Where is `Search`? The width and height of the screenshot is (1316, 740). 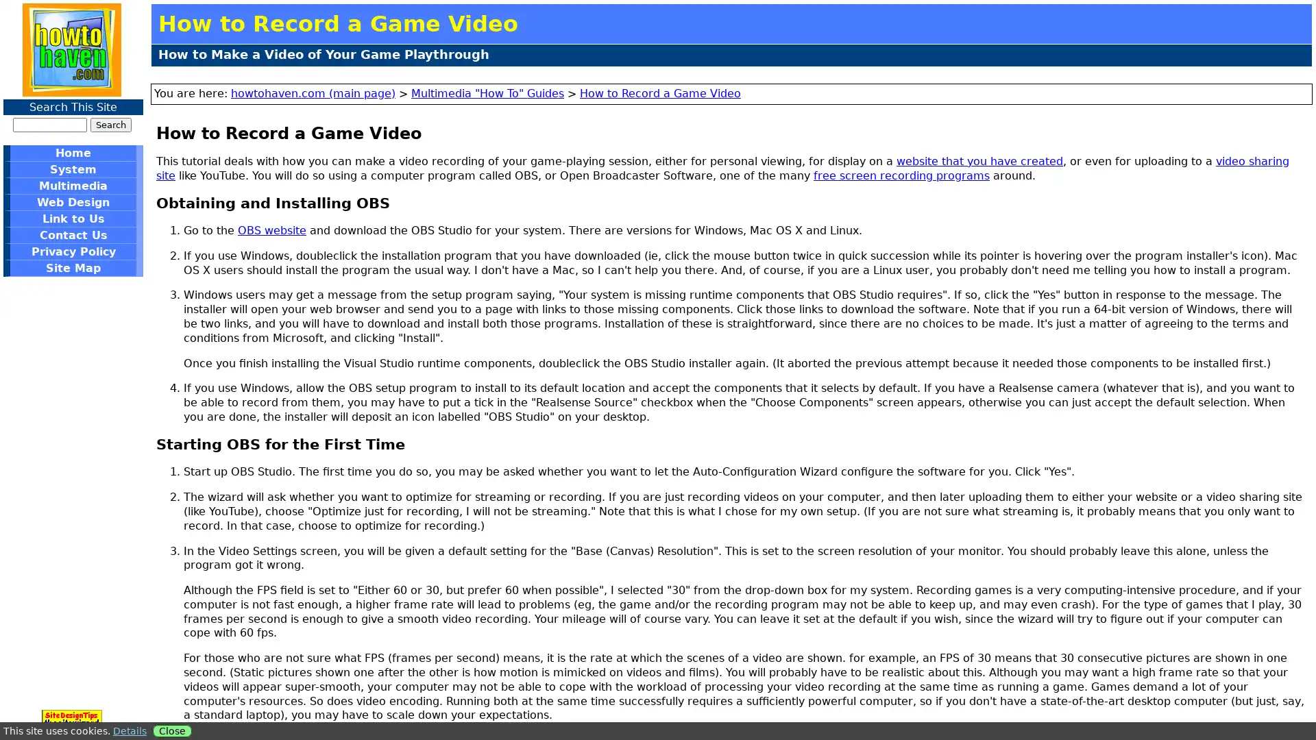 Search is located at coordinates (110, 125).